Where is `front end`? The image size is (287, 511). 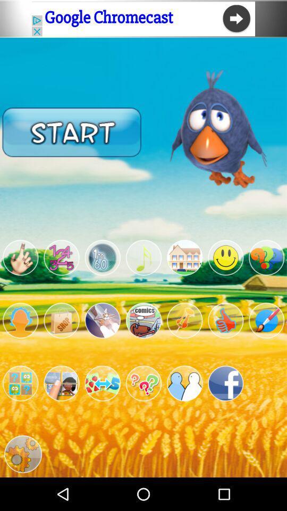
front end is located at coordinates (143, 383).